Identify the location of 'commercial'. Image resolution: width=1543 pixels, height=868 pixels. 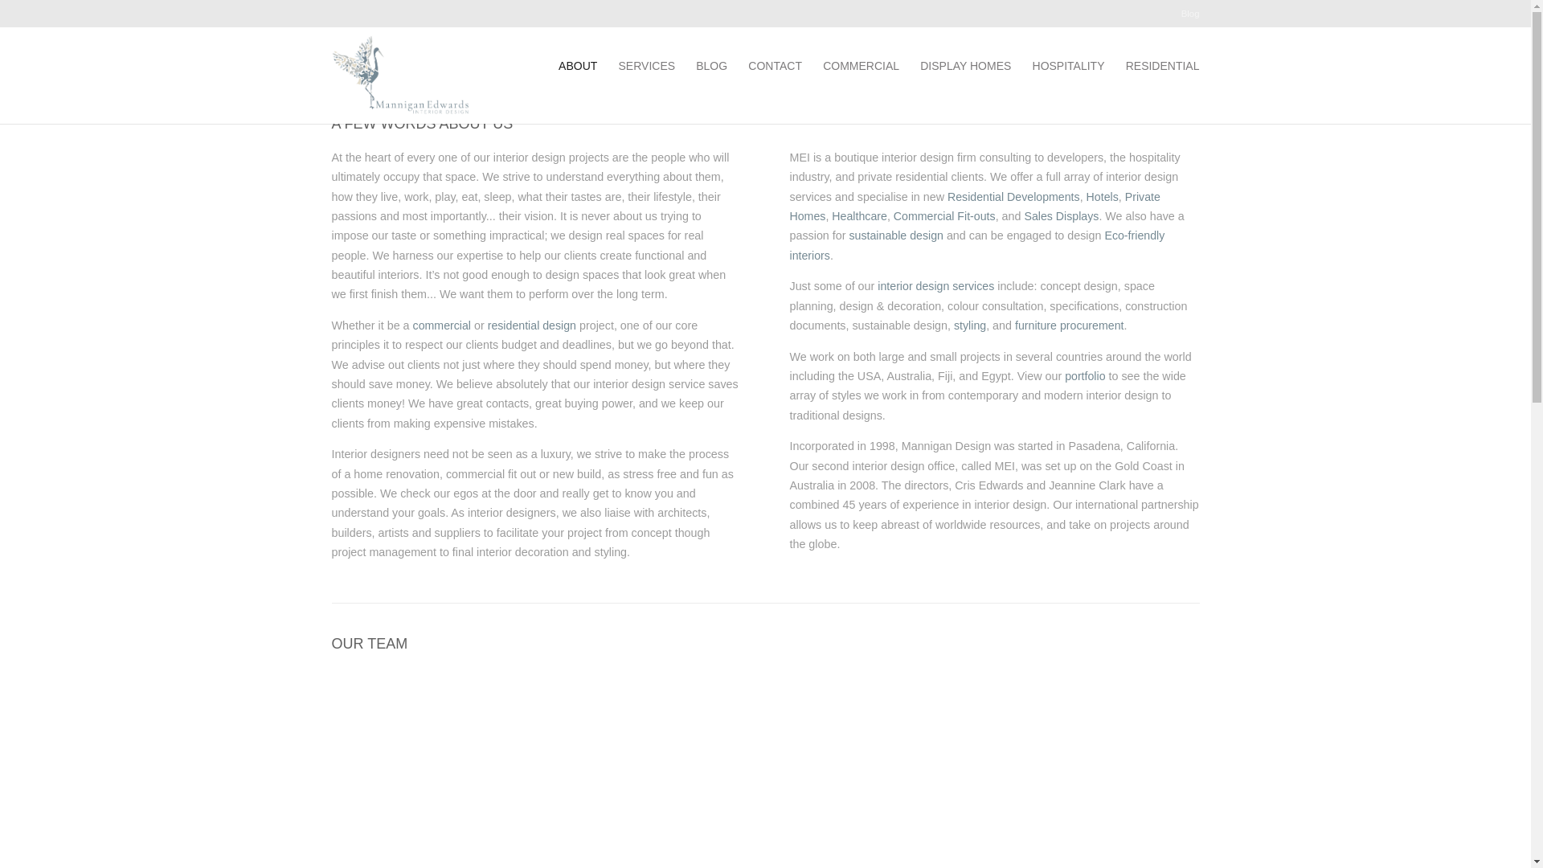
(442, 325).